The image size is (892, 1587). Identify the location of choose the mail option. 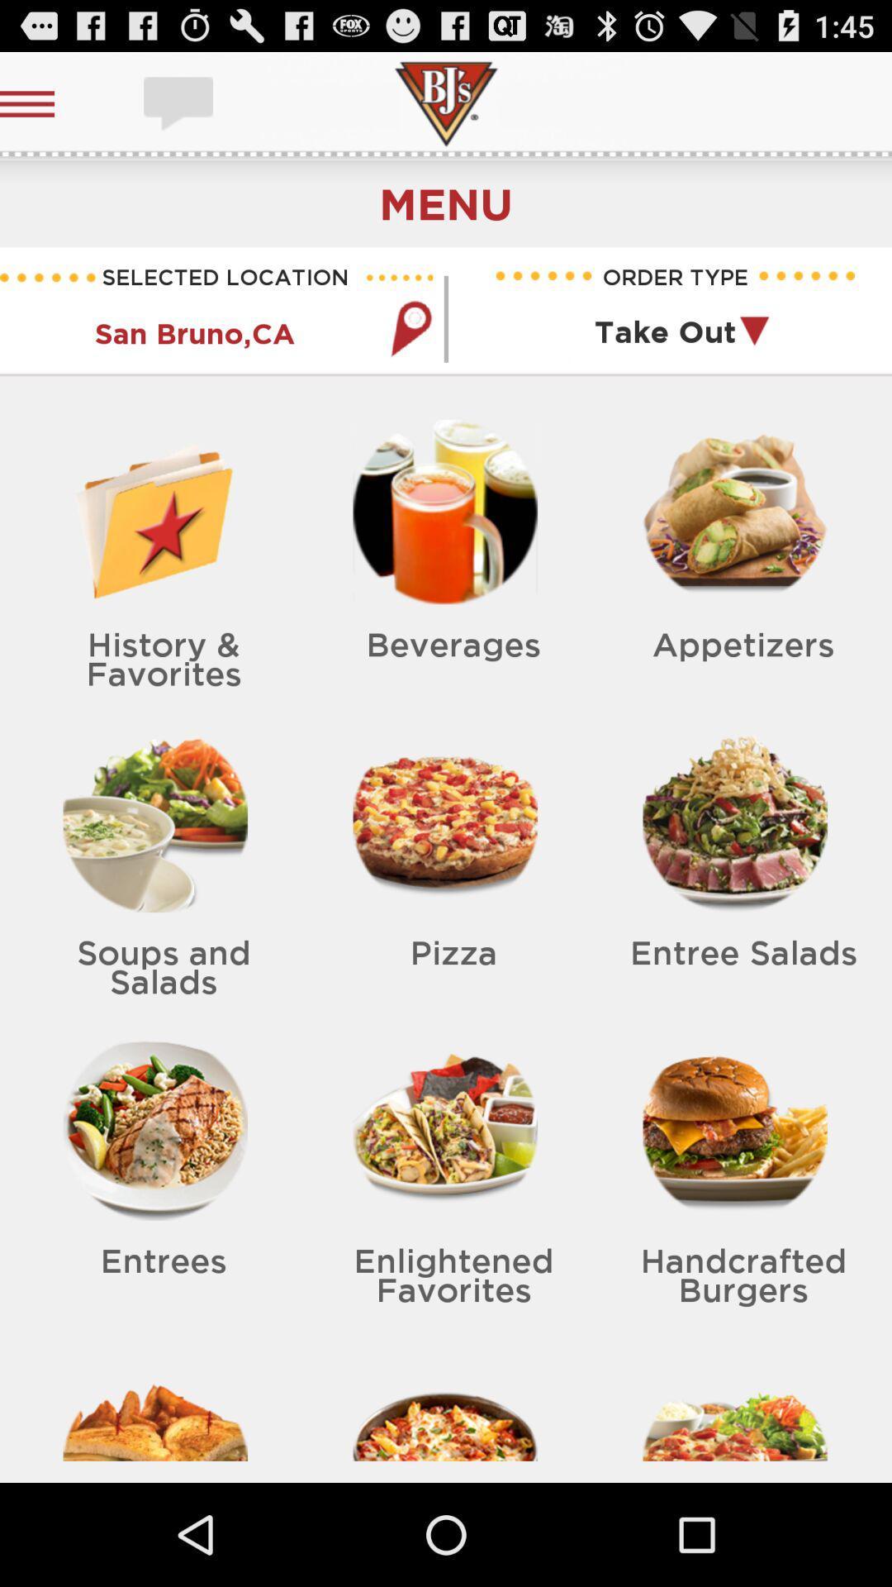
(180, 102).